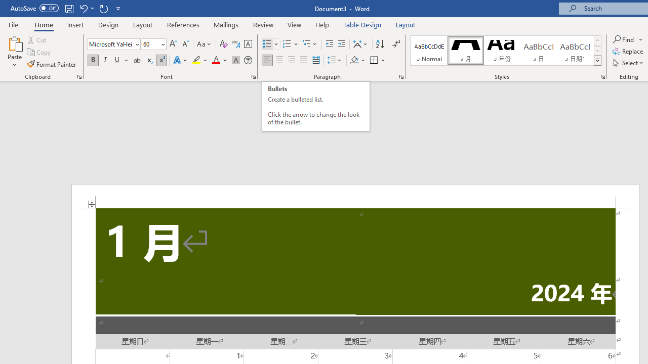 Image resolution: width=648 pixels, height=364 pixels. Describe the element at coordinates (379, 43) in the screenshot. I see `'Sort...'` at that location.